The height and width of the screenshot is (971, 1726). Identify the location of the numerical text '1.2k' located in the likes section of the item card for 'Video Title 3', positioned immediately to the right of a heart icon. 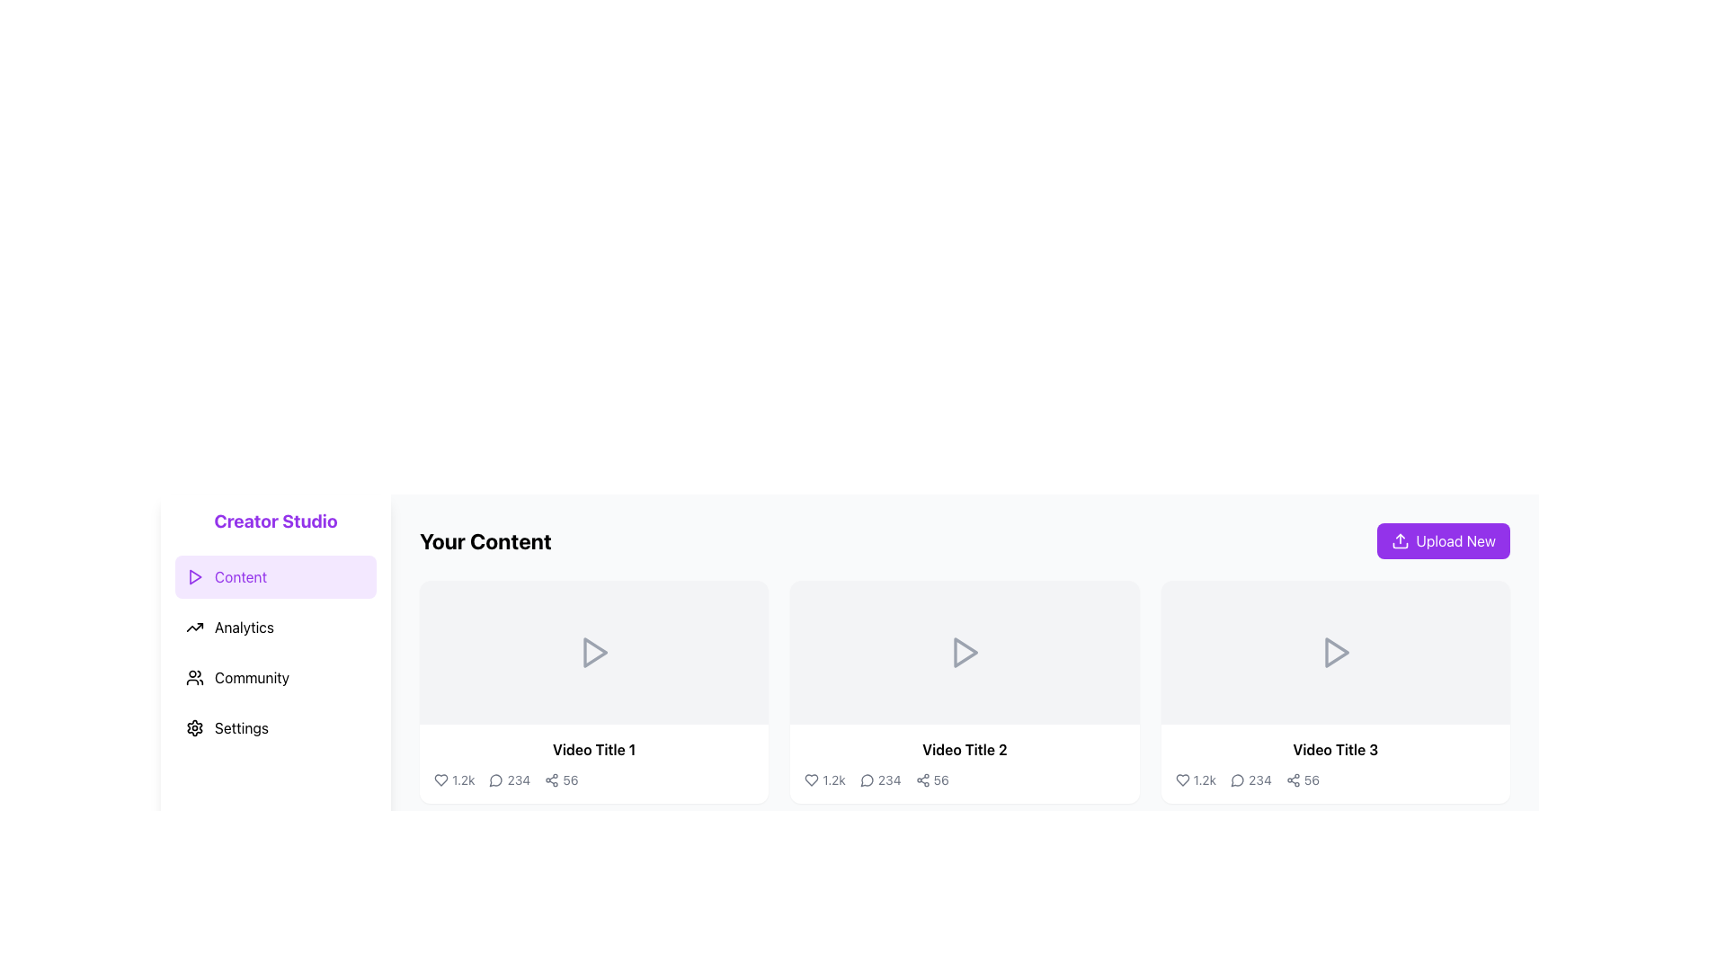
(1205, 779).